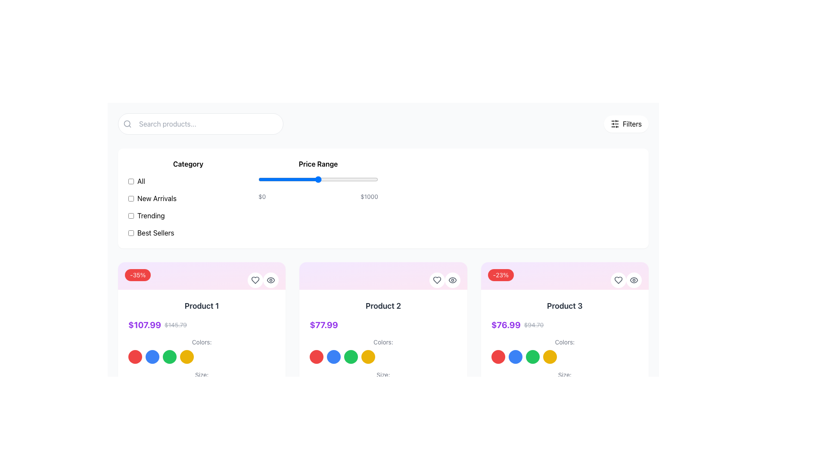 The width and height of the screenshot is (827, 465). Describe the element at coordinates (565, 325) in the screenshot. I see `prices displayed for 'Product 3' in the price display component located in the product information section, which is positioned below the product name and above the color options` at that location.